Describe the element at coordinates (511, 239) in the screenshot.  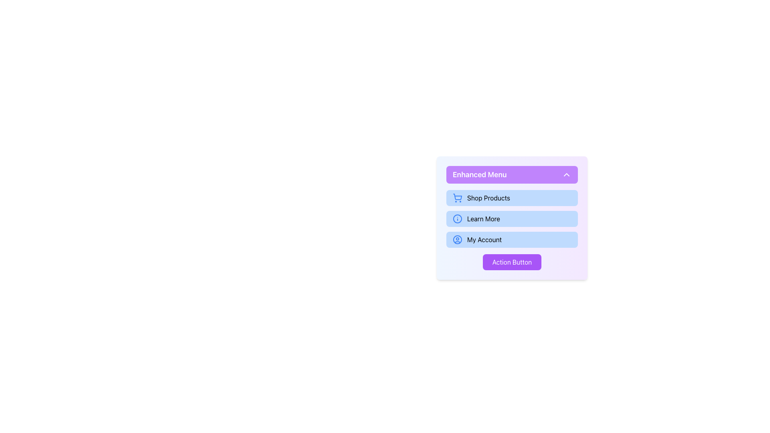
I see `the account information button, which is the third button in a vertical list within a menu box, located below the 'Learn More' button and above the 'Action Button'` at that location.